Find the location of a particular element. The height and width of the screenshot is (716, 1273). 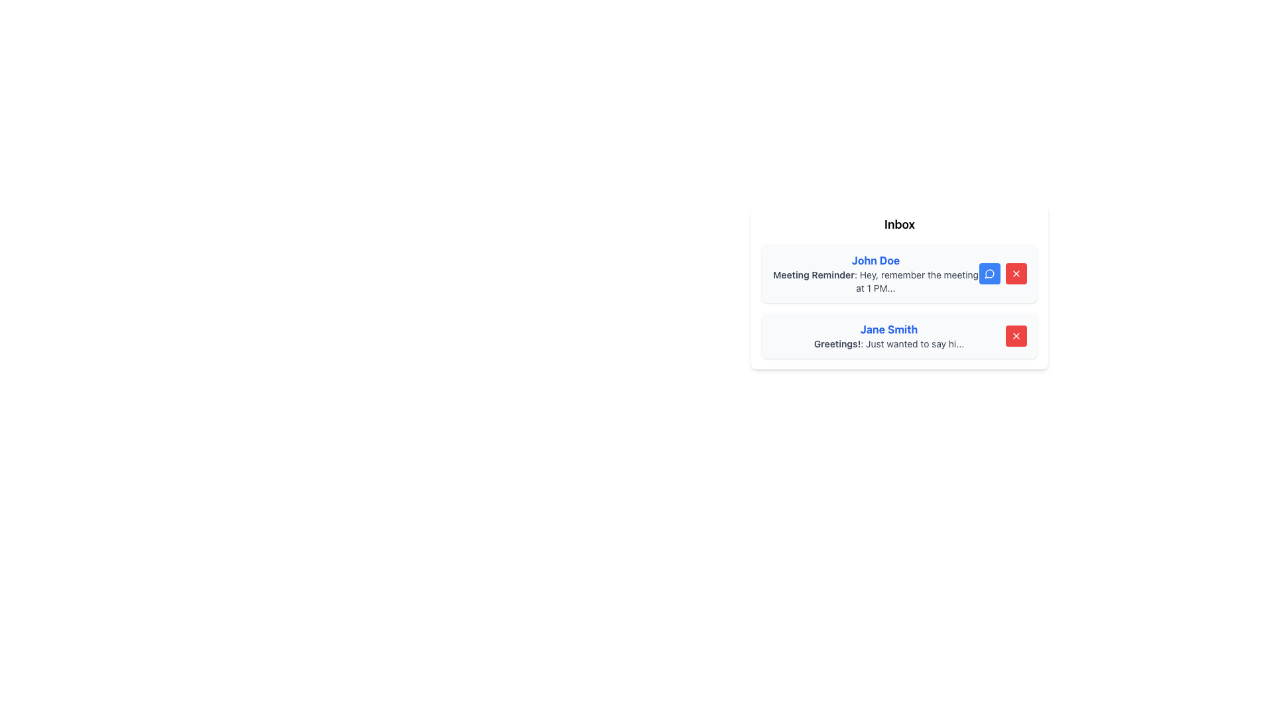

text content of the Message Notification Card displaying 'John Doe' and the message preview 'Meeting Reminder: Hey, remember the meeting at 1 PM...' is located at coordinates (900, 272).